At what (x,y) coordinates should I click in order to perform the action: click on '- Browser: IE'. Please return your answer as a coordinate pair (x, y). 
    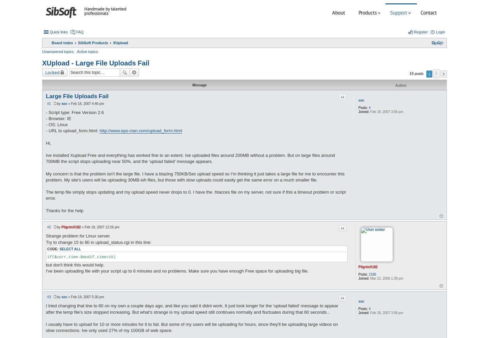
    Looking at the image, I should click on (46, 118).